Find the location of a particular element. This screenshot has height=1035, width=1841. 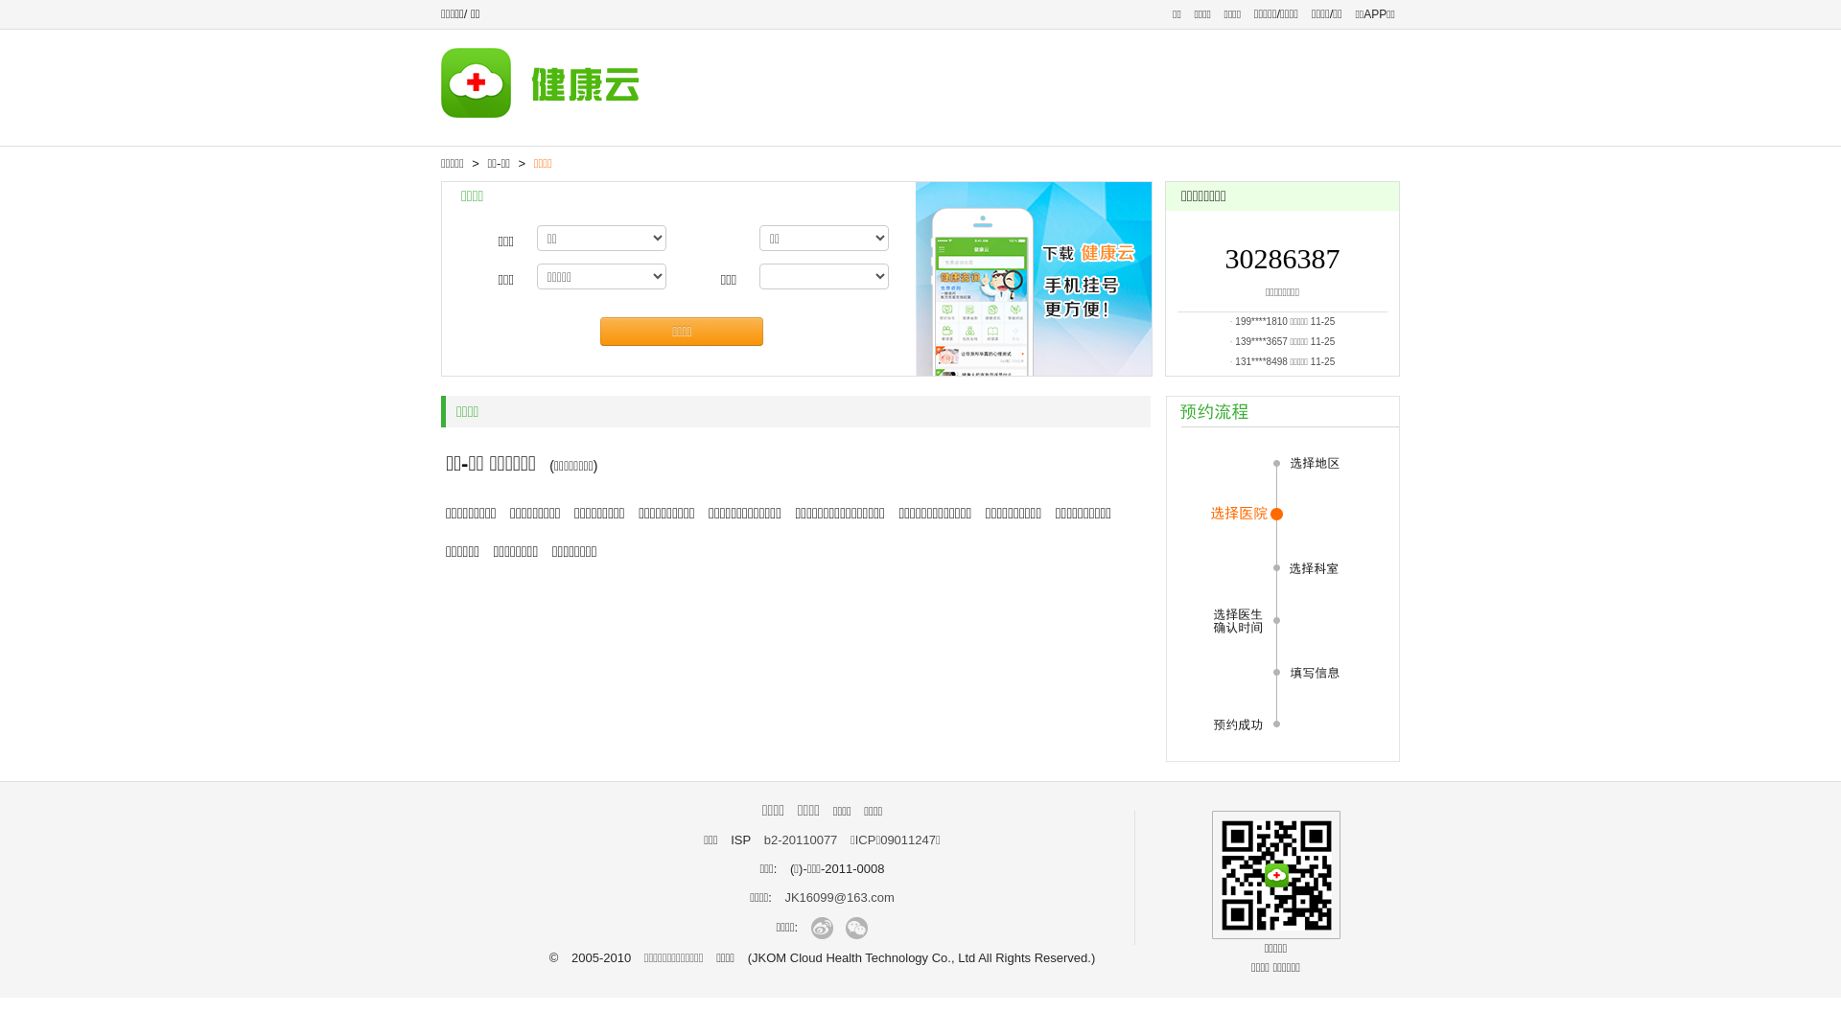

'b2-20110077' is located at coordinates (801, 839).